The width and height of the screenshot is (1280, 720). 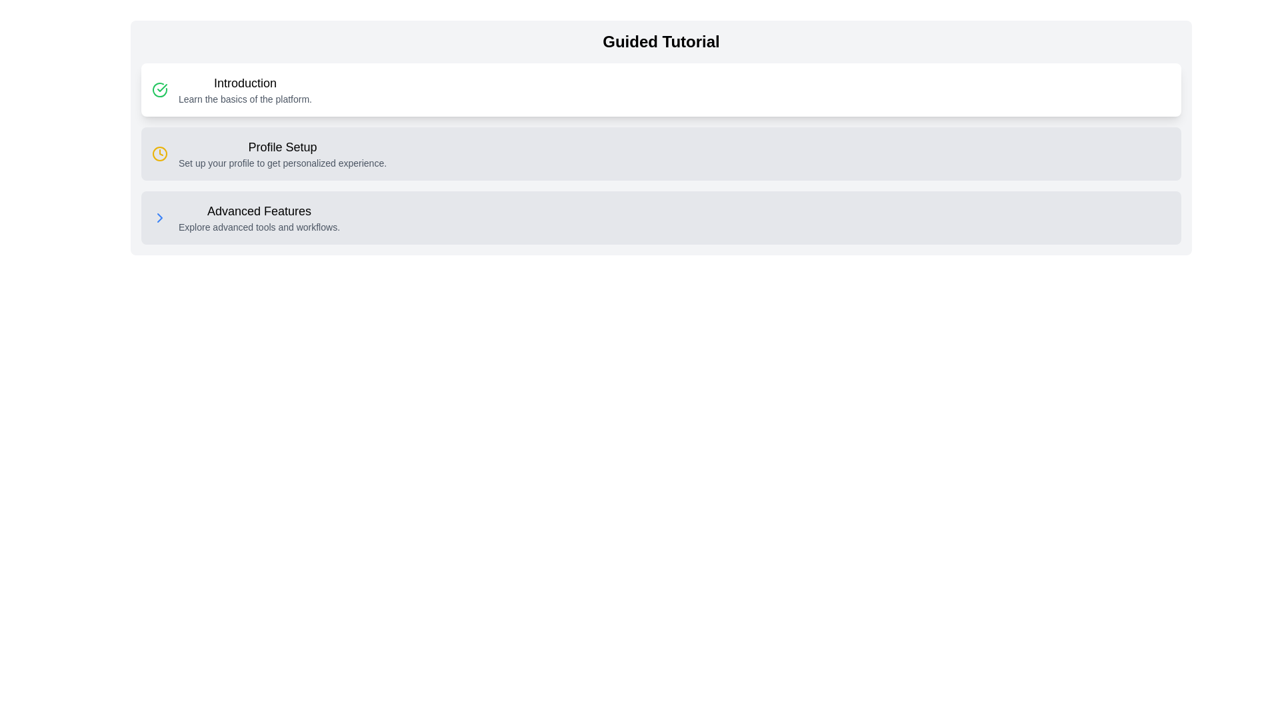 What do you see at coordinates (160, 90) in the screenshot?
I see `the green circular graphic that is part of the check mark icon in the Guided Tutorial UI, located at the left edge of the 'Introduction' section` at bounding box center [160, 90].